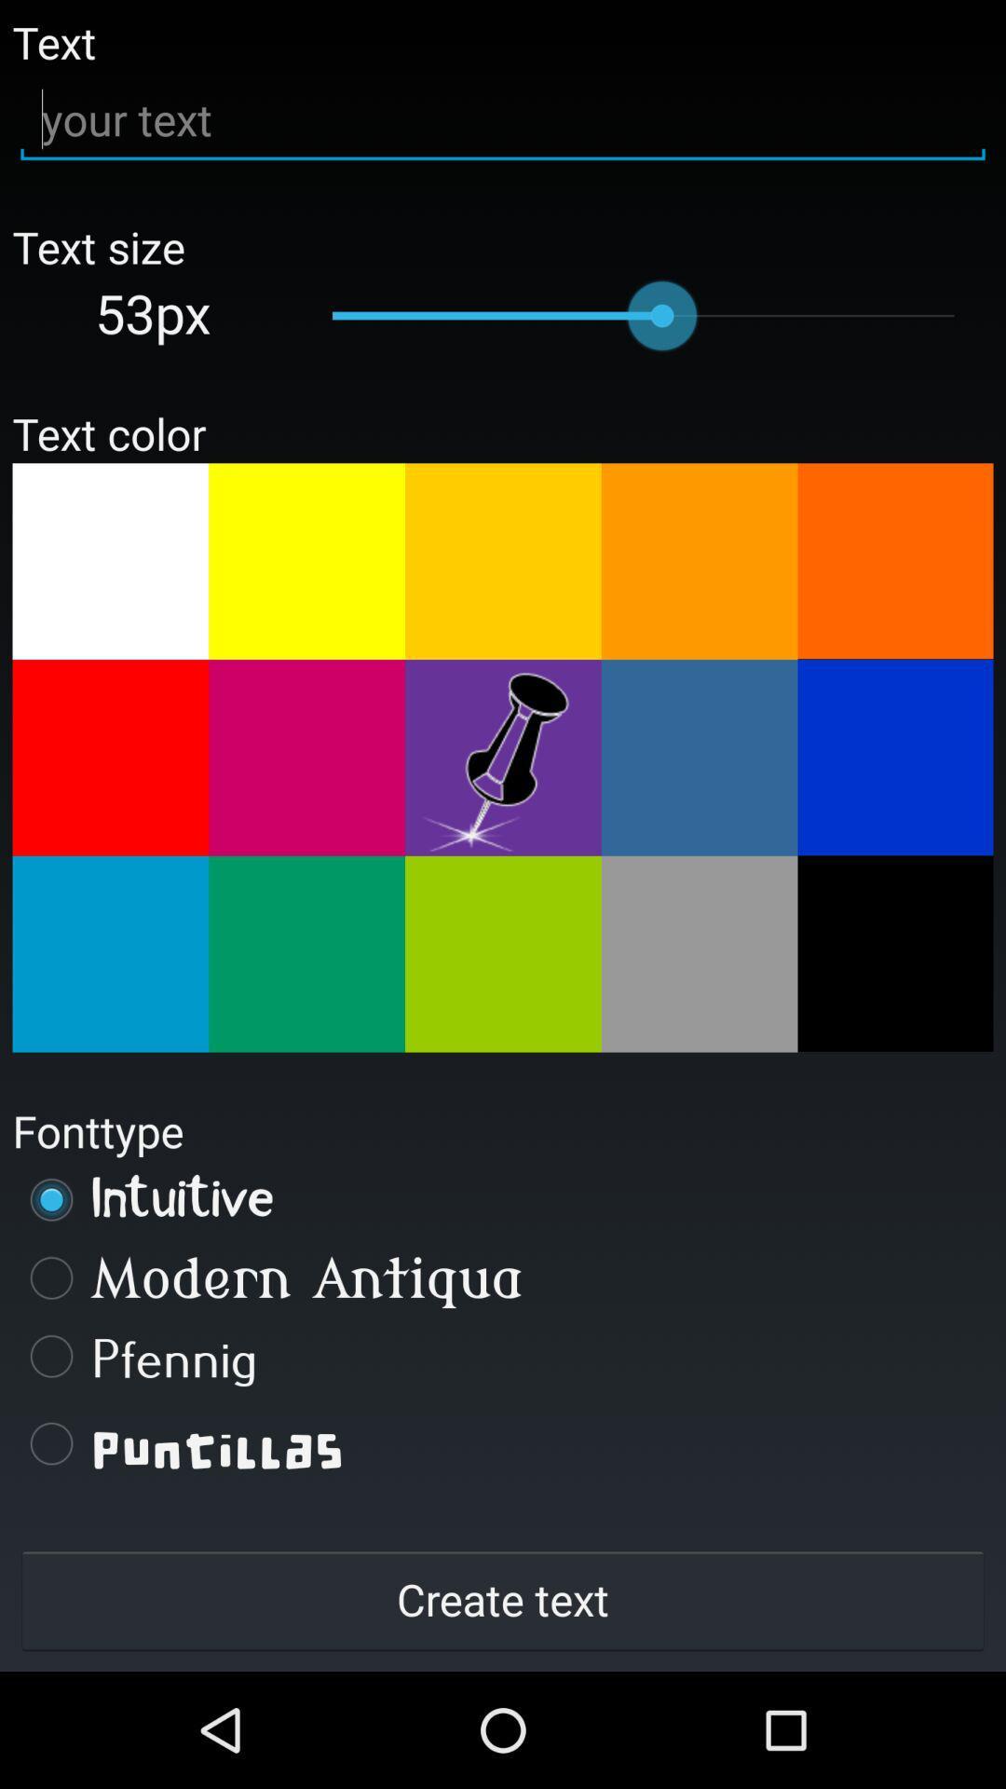 This screenshot has width=1006, height=1789. Describe the element at coordinates (503, 1277) in the screenshot. I see `the radio button above the pfennig radio button` at that location.